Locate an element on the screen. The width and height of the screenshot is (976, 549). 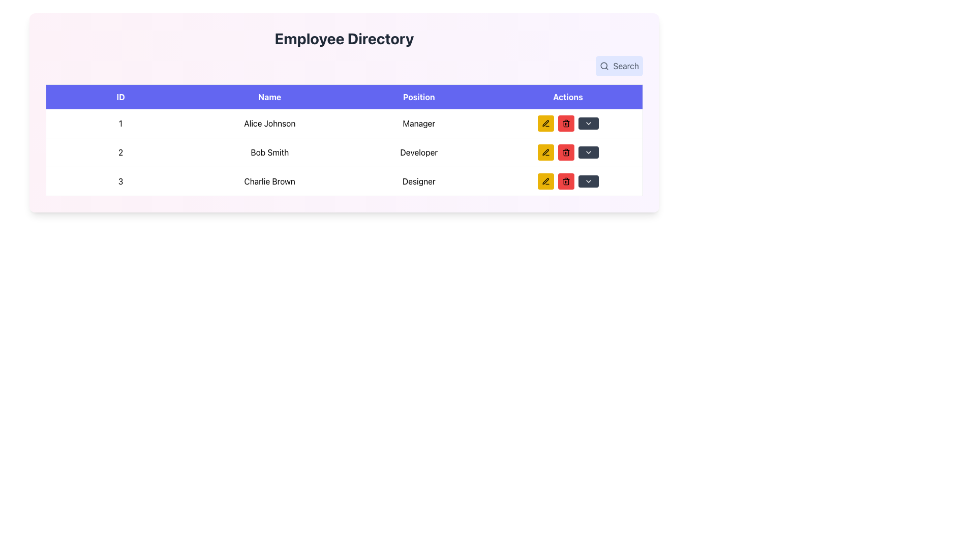
the 'Edit' button located in the second row of the 'Actions' column within the table is located at coordinates (545, 152).